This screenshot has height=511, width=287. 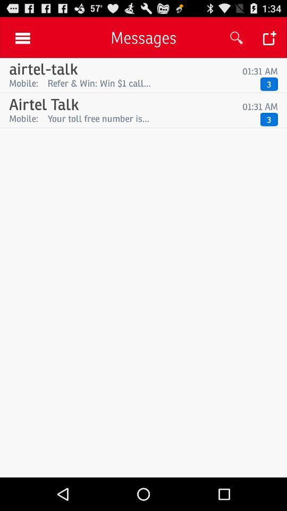 I want to click on the icon to the left of 3, so click(x=151, y=118).